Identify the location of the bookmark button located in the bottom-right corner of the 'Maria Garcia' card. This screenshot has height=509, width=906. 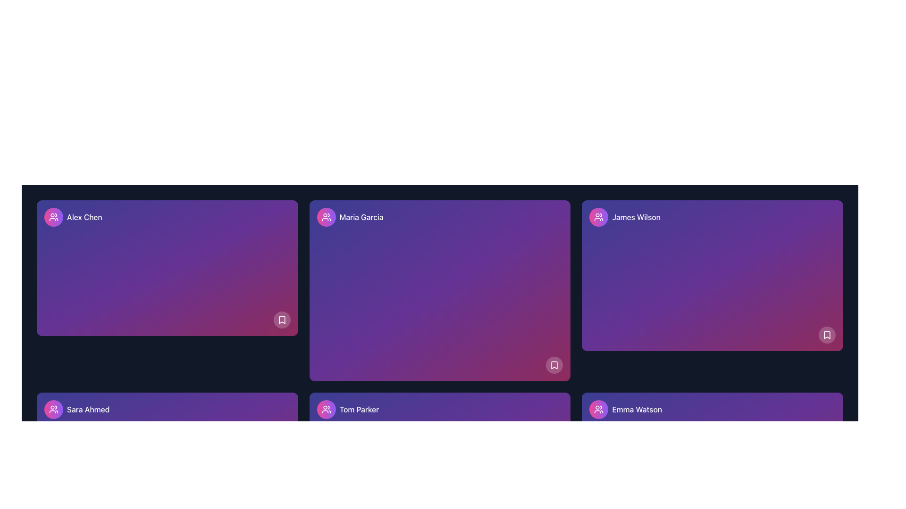
(554, 365).